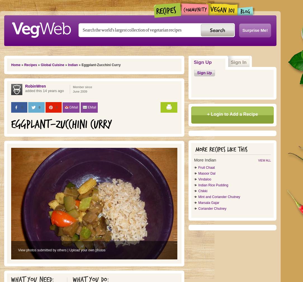 The height and width of the screenshot is (282, 303). What do you see at coordinates (231, 62) in the screenshot?
I see `'Sign In'` at bounding box center [231, 62].